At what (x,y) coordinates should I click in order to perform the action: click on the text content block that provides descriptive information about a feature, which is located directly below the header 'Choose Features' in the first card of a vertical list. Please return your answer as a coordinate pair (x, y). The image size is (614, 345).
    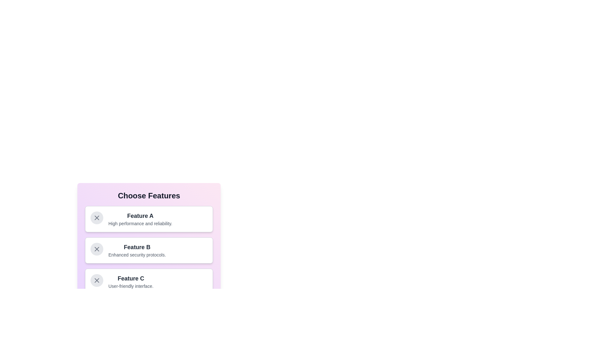
    Looking at the image, I should click on (140, 219).